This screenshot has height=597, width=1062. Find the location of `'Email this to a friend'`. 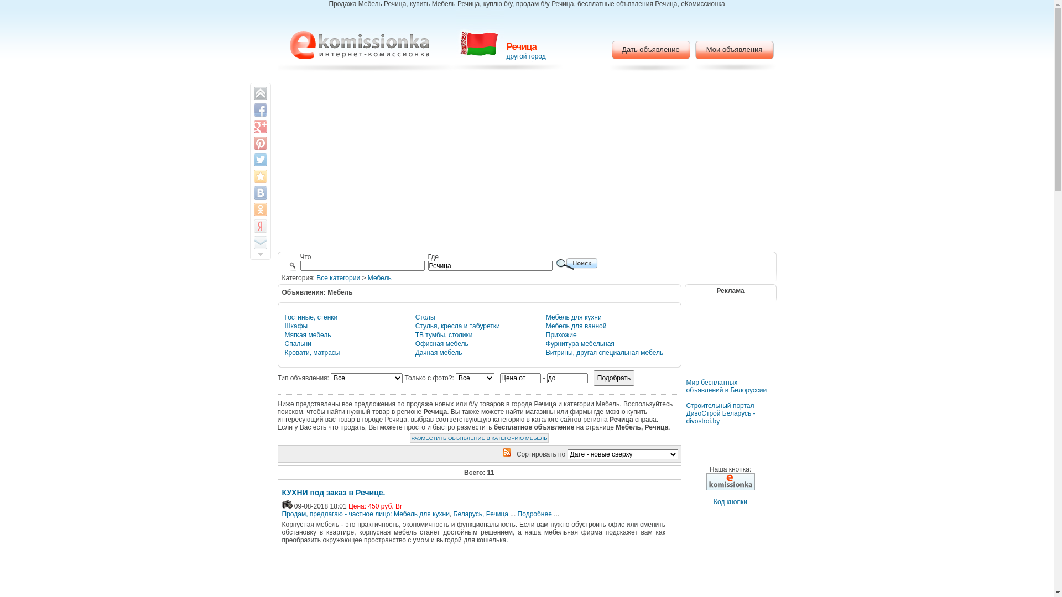

'Email this to a friend' is located at coordinates (259, 242).